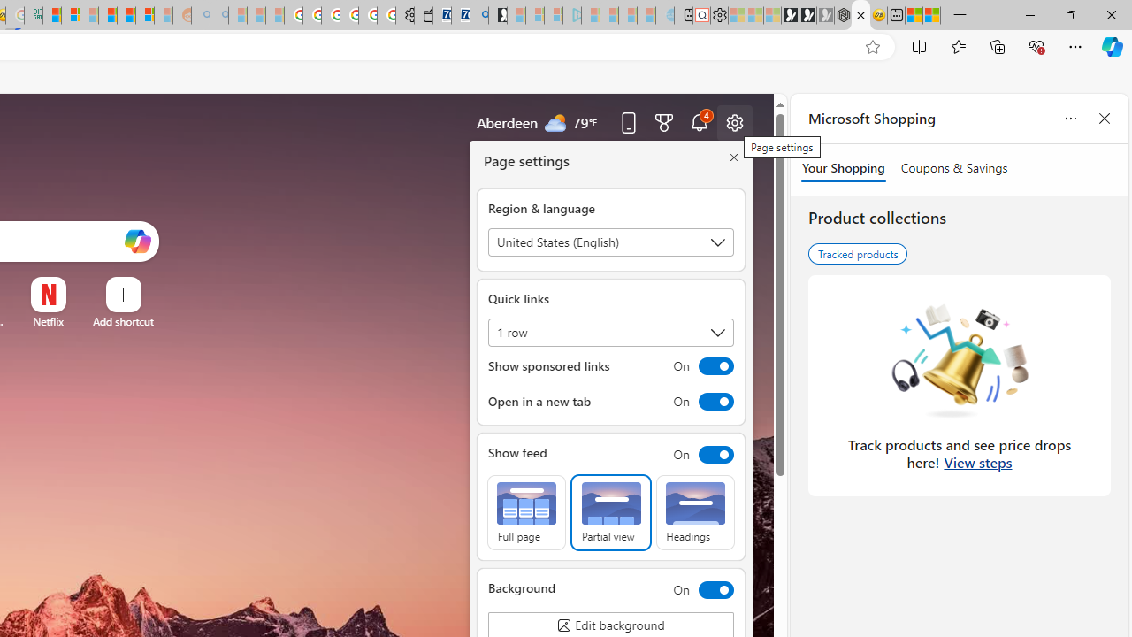 The height and width of the screenshot is (637, 1132). Describe the element at coordinates (735, 121) in the screenshot. I see `'Page settings'` at that location.